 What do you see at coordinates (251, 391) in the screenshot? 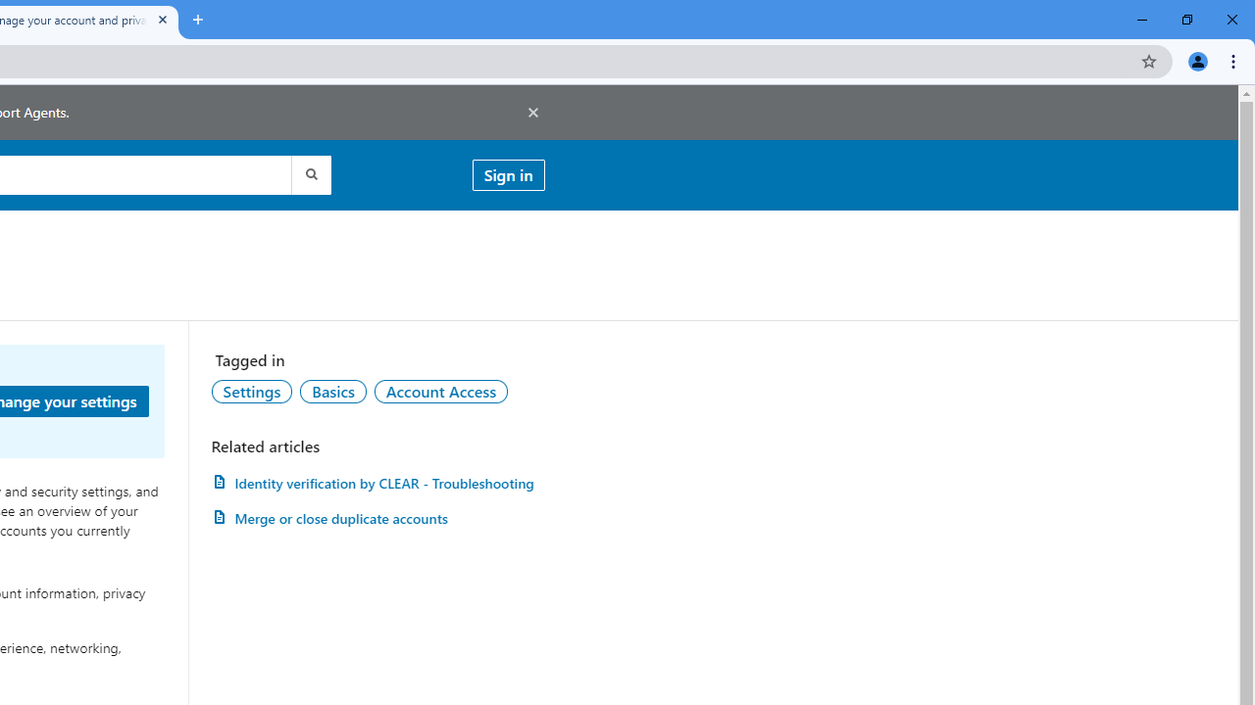
I see `'Settings'` at bounding box center [251, 391].